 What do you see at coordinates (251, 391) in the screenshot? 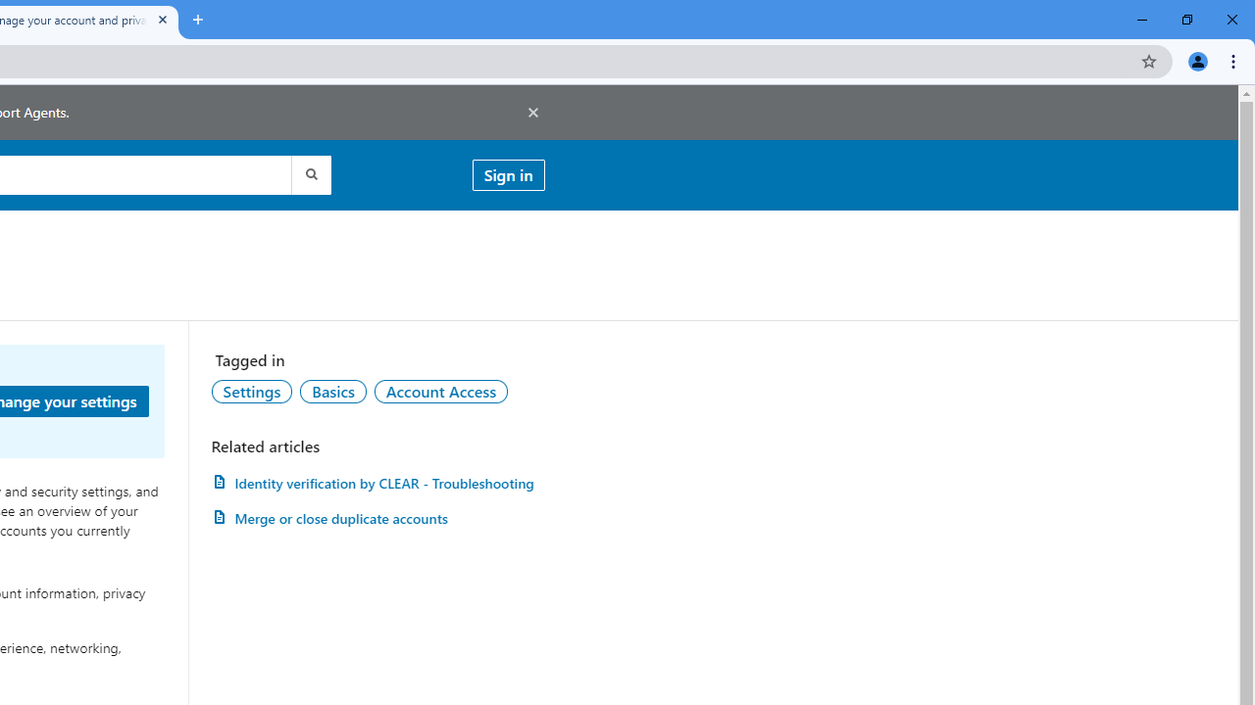
I see `'Settings'` at bounding box center [251, 391].